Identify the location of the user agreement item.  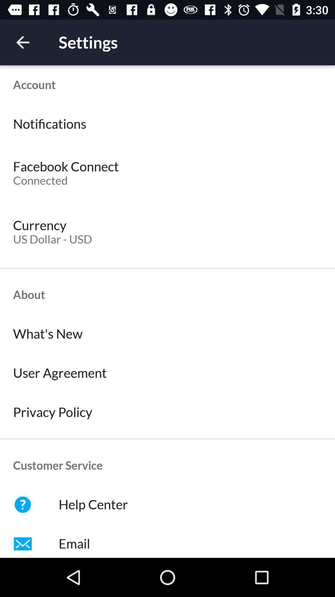
(167, 373).